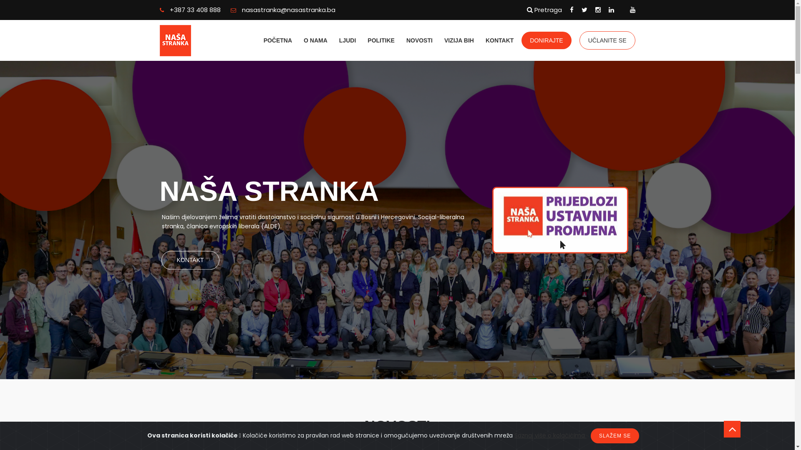  Describe the element at coordinates (406, 40) in the screenshot. I see `'NOVOSTI'` at that location.